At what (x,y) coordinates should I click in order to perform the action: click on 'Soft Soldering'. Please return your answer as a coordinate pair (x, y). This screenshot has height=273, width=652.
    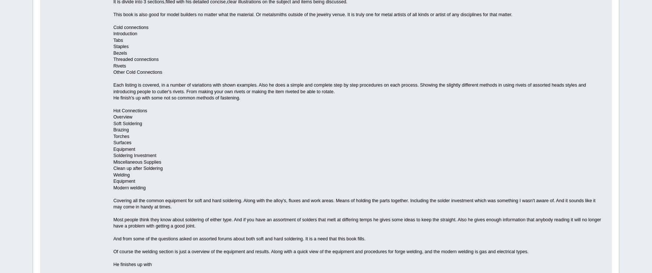
    Looking at the image, I should click on (127, 123).